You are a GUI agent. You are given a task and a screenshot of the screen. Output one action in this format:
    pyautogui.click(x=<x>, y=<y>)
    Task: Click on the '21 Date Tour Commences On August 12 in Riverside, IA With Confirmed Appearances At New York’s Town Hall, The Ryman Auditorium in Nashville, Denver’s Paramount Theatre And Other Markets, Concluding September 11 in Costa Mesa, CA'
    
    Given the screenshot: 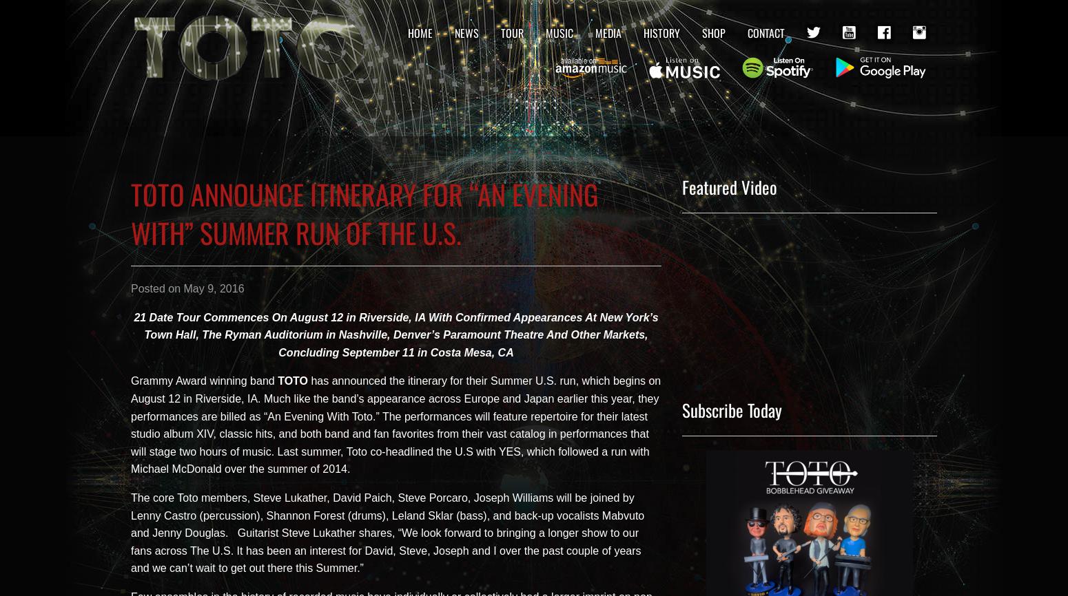 What is the action you would take?
    pyautogui.click(x=133, y=334)
    